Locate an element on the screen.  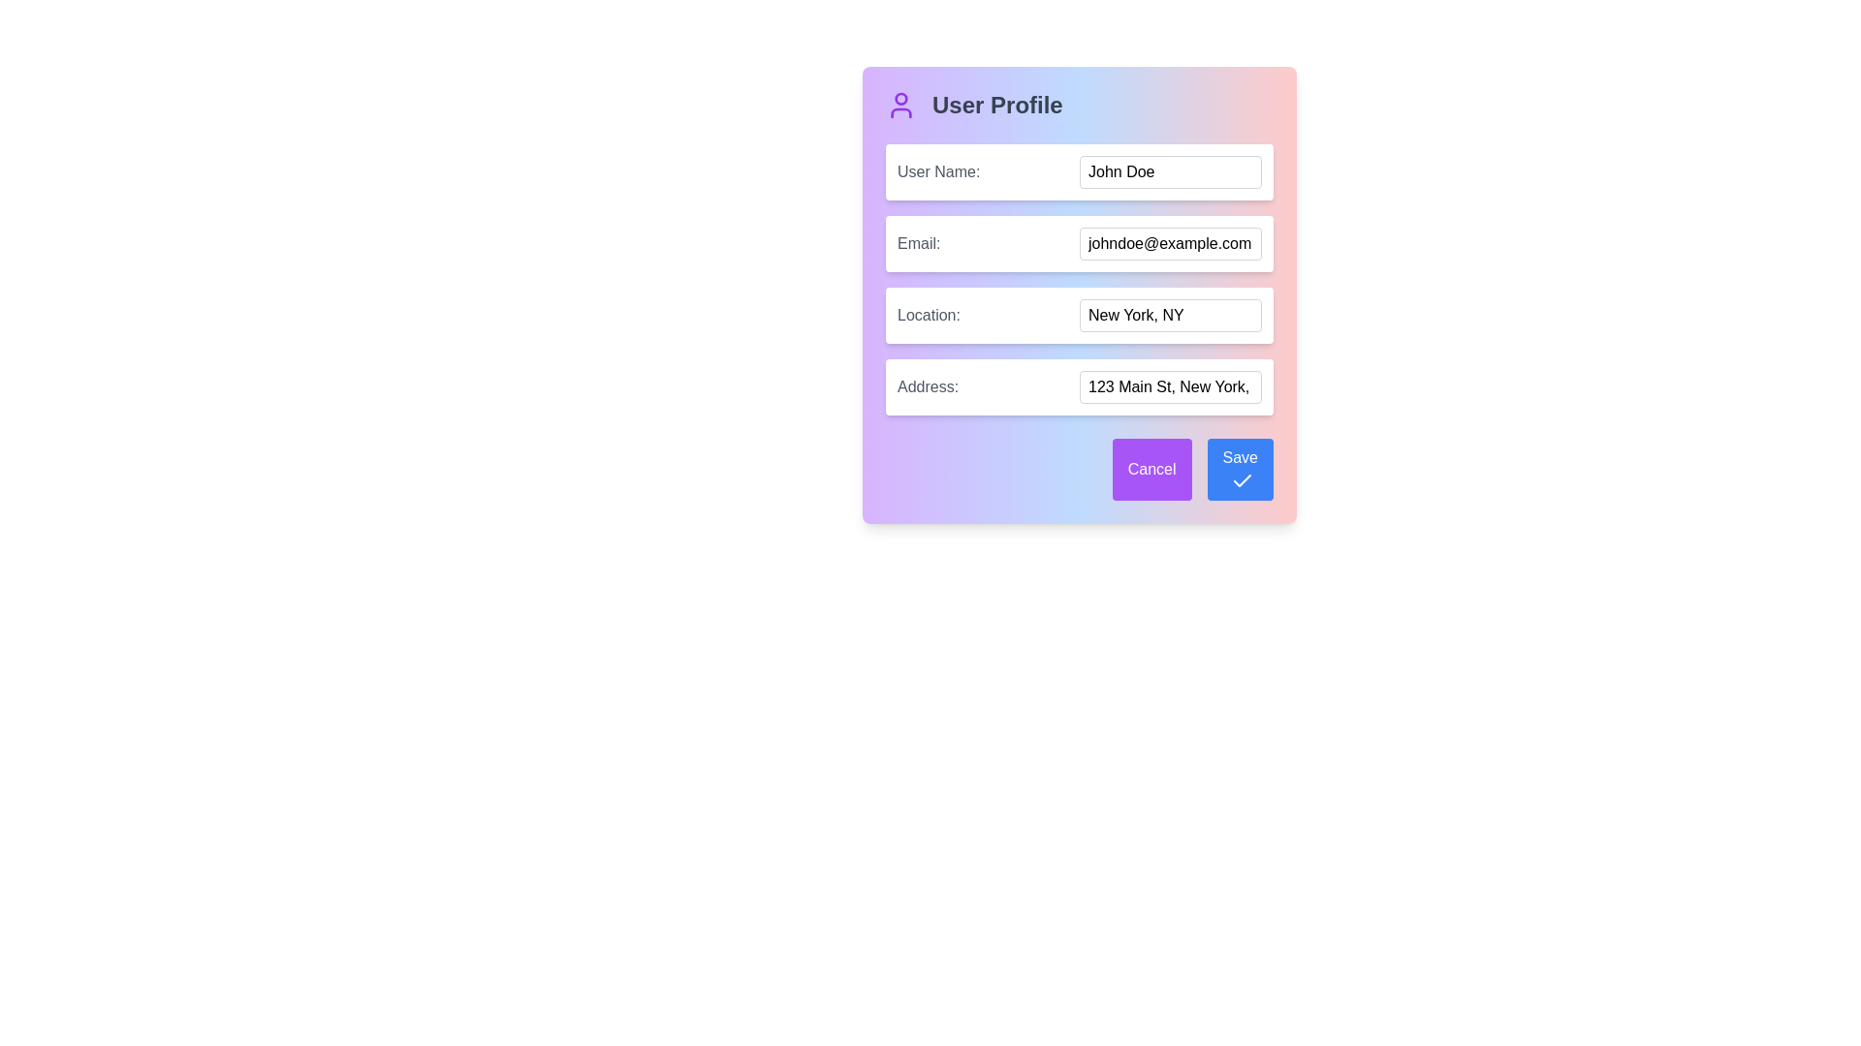
the text input field with rounded edges and placeholder 'New York, NY' is located at coordinates (1170, 315).